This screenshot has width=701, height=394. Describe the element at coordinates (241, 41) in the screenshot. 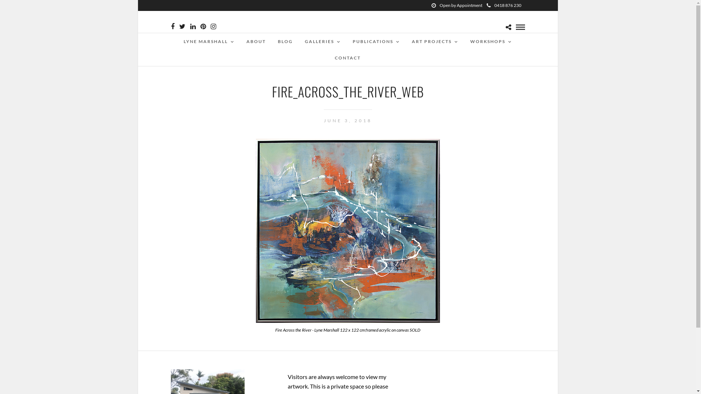

I see `'ABOUT'` at that location.